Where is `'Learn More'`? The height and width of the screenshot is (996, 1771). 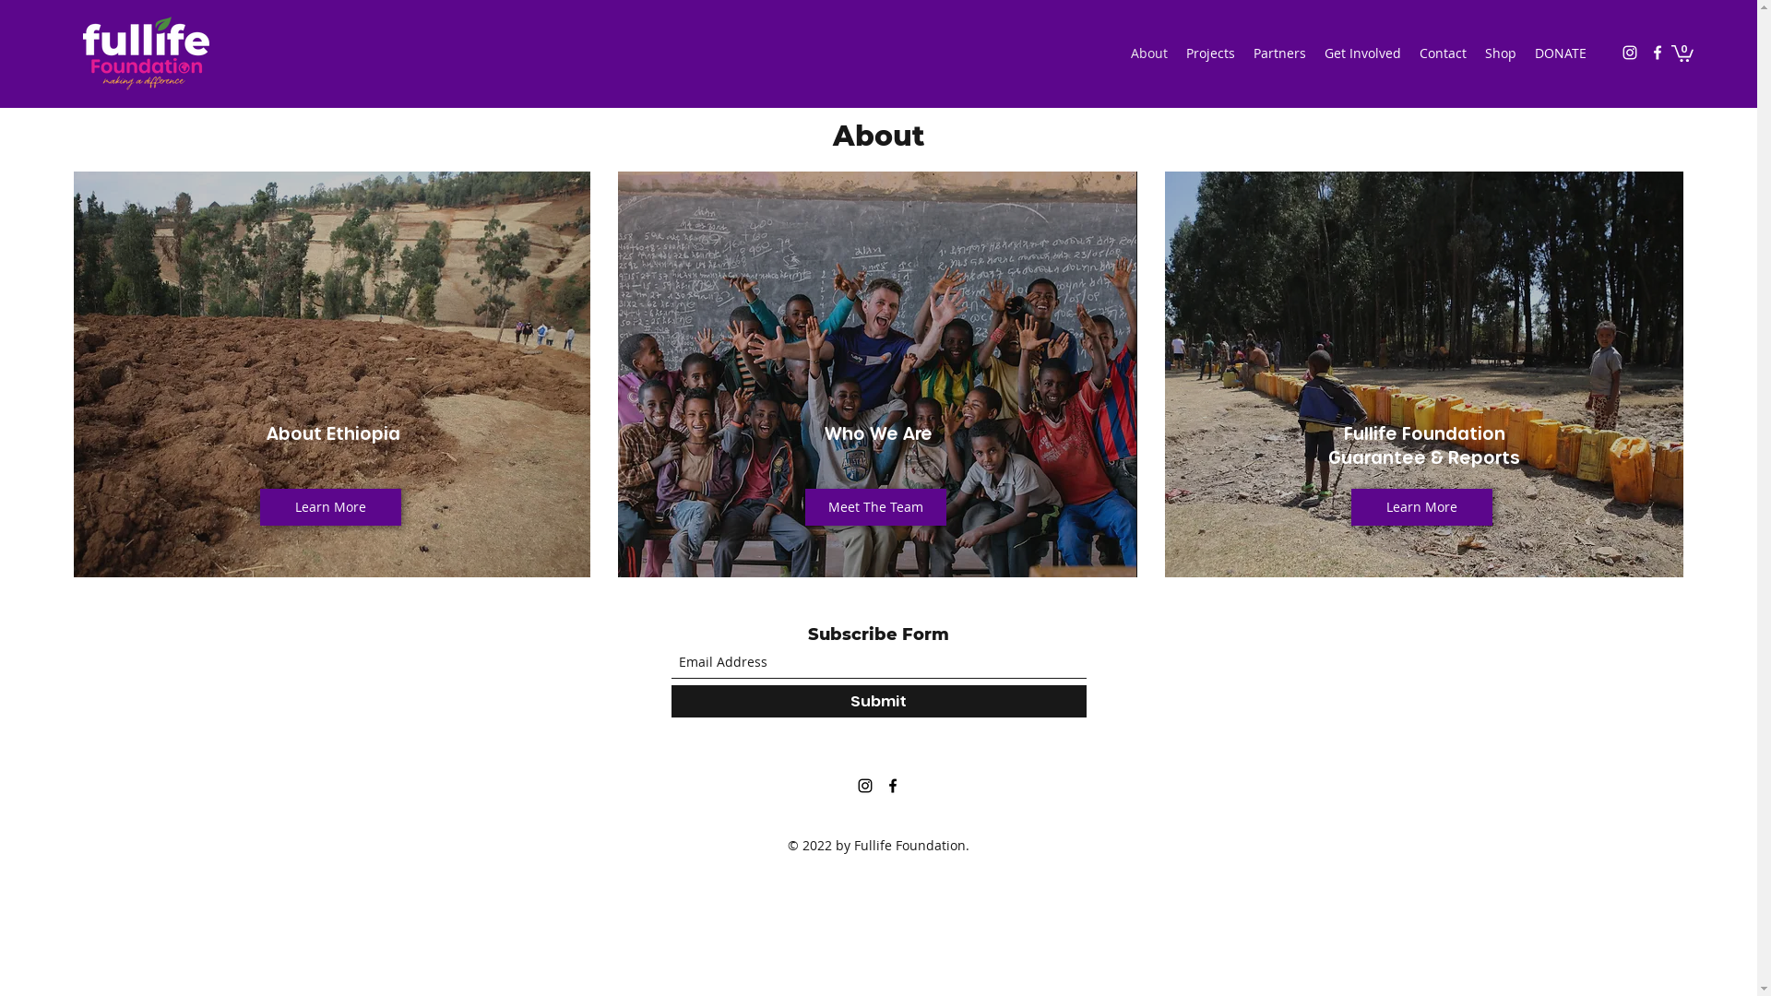 'Learn More' is located at coordinates (1350, 507).